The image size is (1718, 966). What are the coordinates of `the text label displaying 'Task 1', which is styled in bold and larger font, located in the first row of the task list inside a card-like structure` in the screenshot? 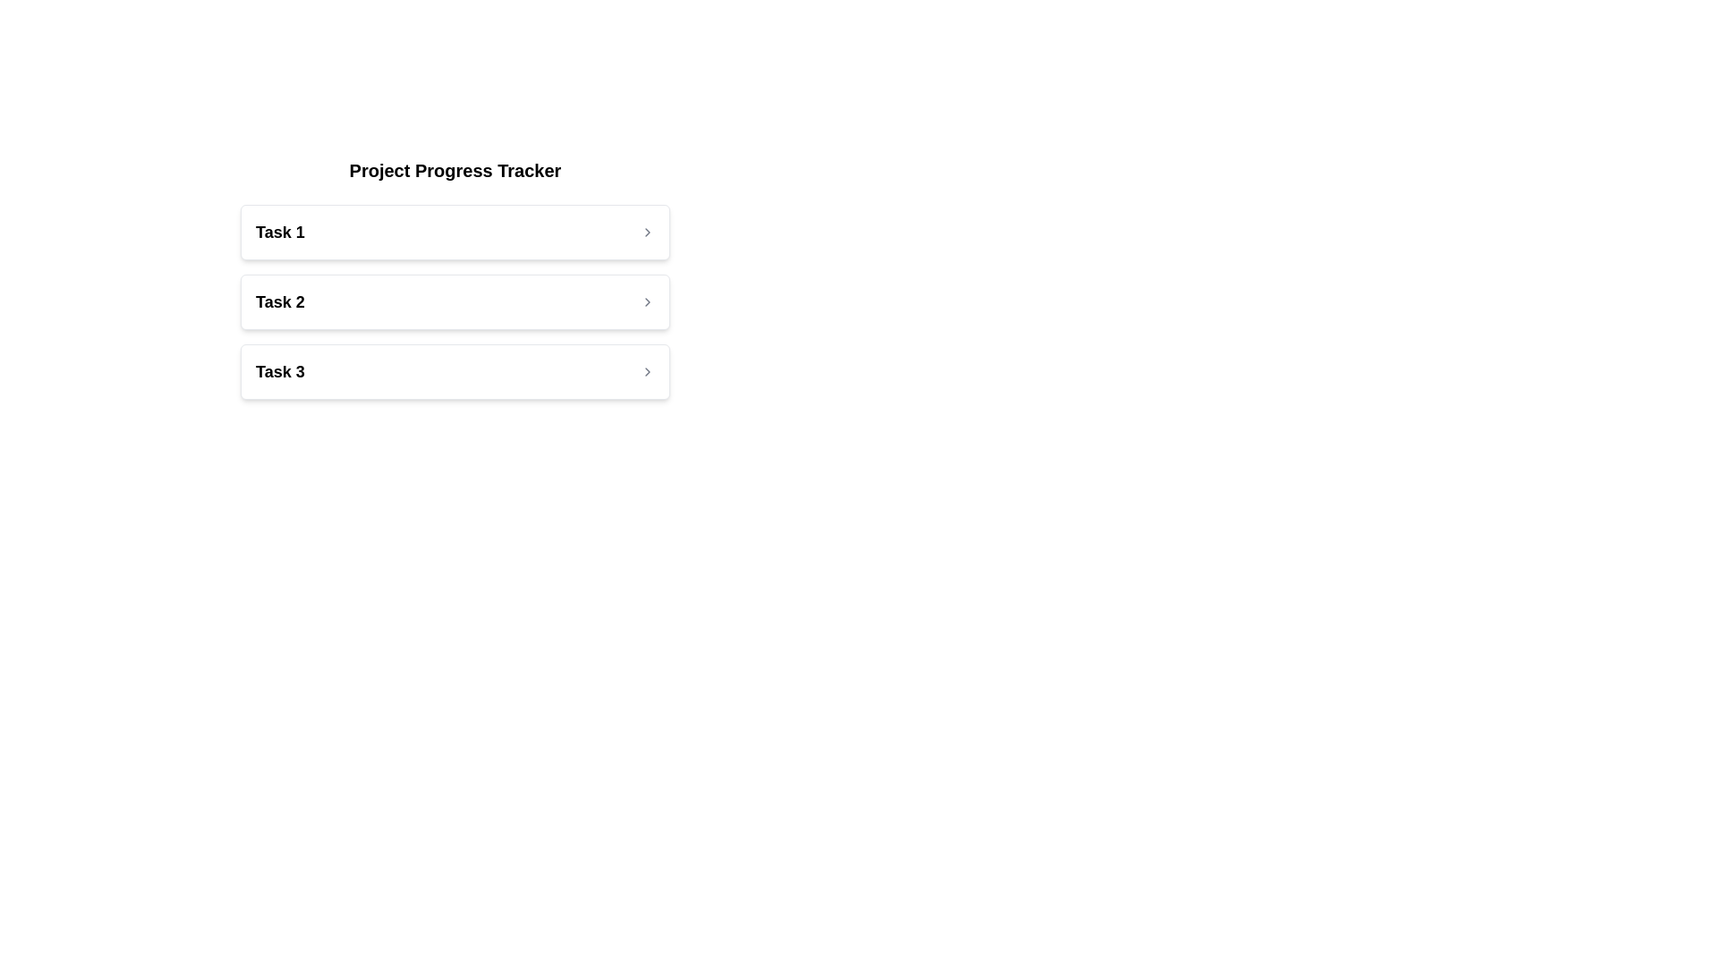 It's located at (279, 231).